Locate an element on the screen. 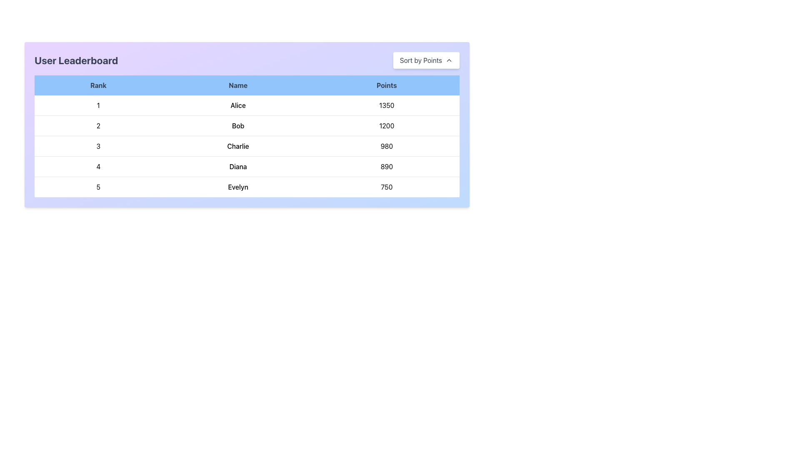  text label displaying '1350' located under the 'Points' column in the leaderboard table for user 'Alice' is located at coordinates (386, 105).